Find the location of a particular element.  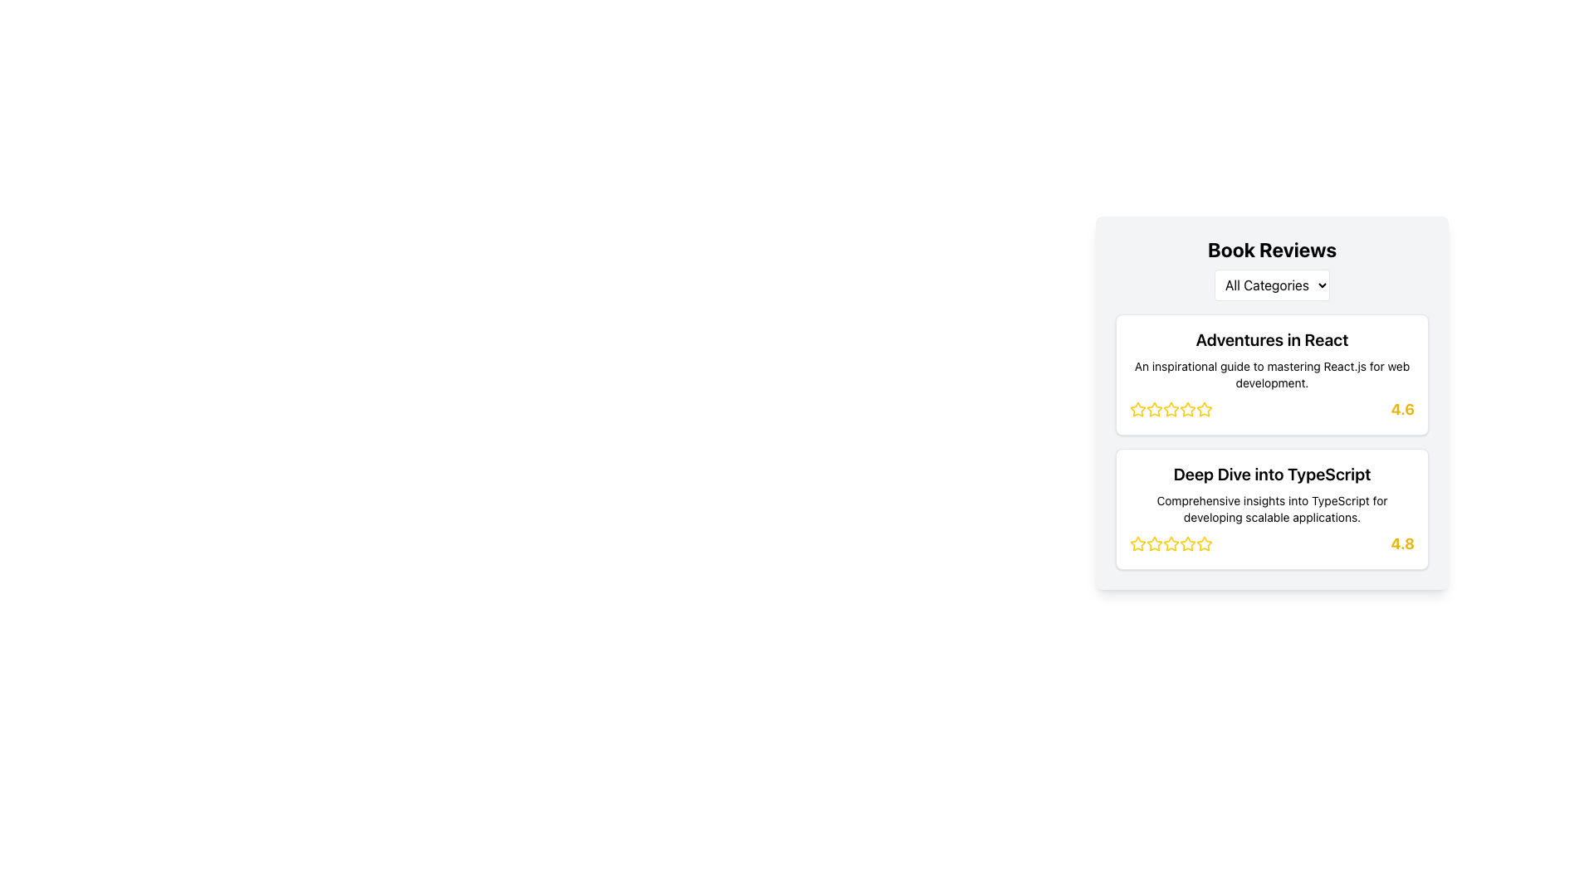

the Information Card displaying the title 'Adventures in React' with a white background and yellow star ratings is located at coordinates (1271, 374).